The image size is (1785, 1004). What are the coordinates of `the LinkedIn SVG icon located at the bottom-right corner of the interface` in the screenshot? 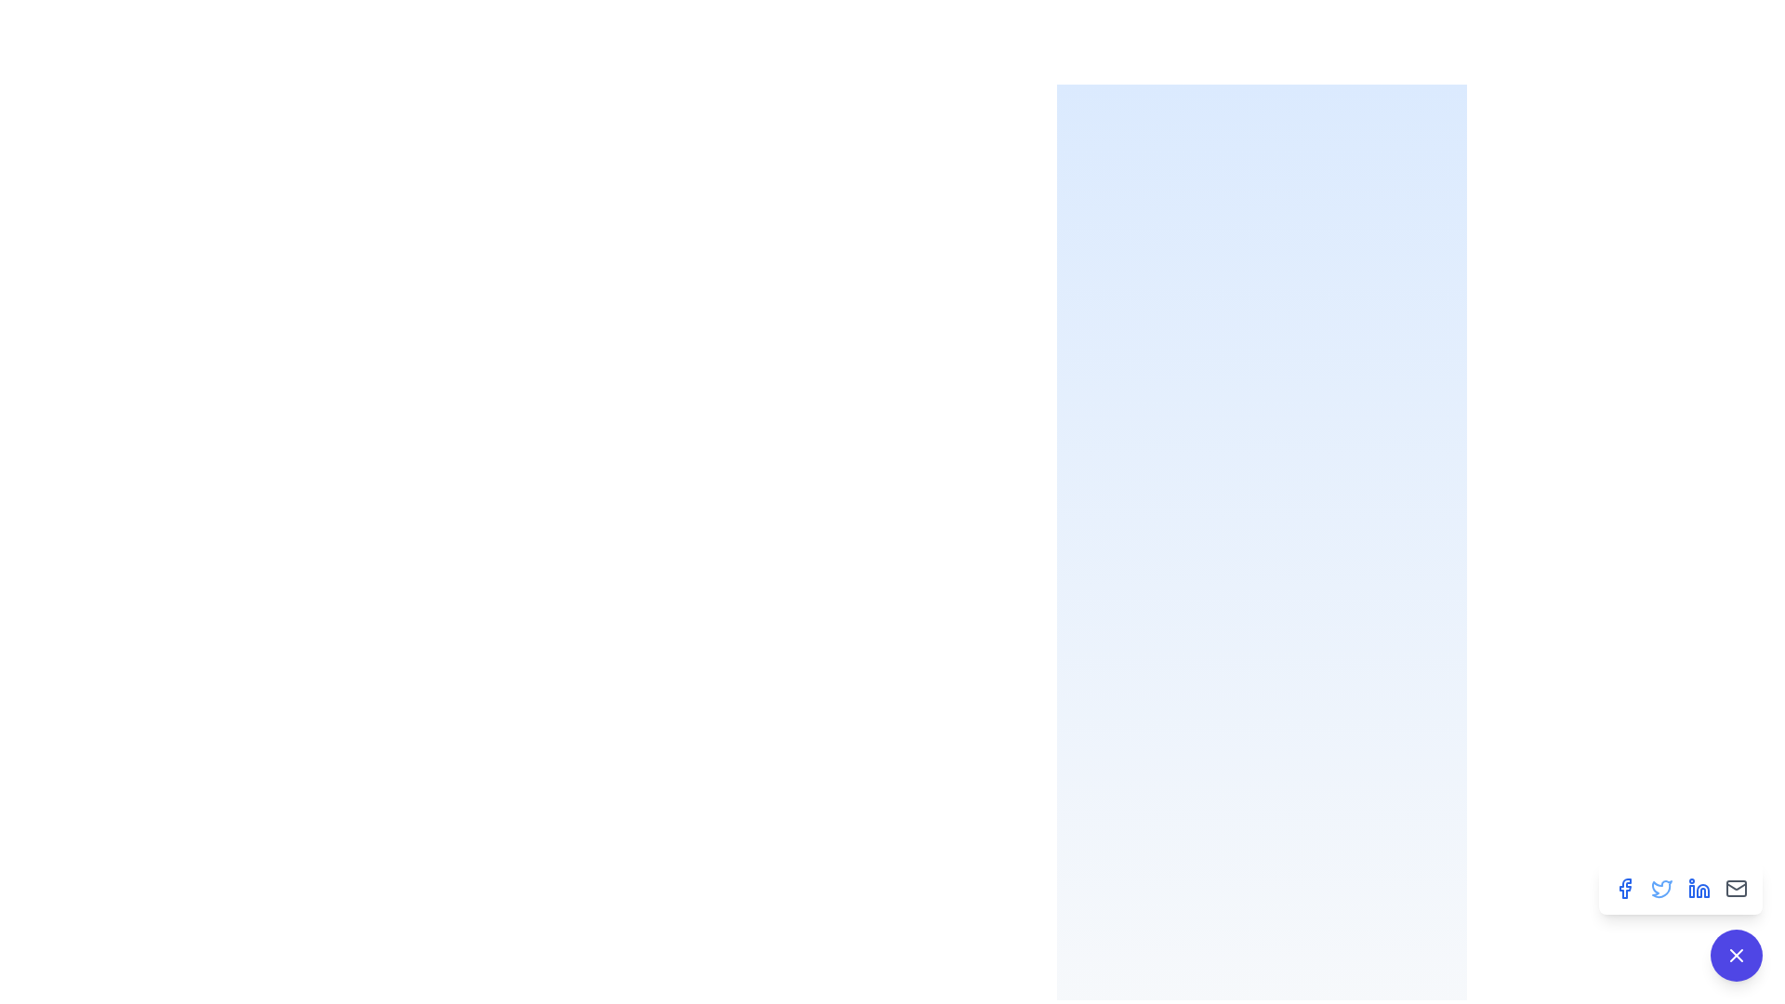 It's located at (1703, 889).